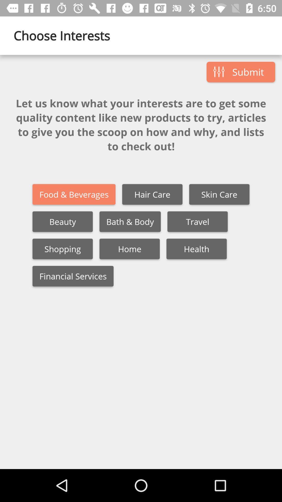  What do you see at coordinates (73, 276) in the screenshot?
I see `the financial services icon` at bounding box center [73, 276].